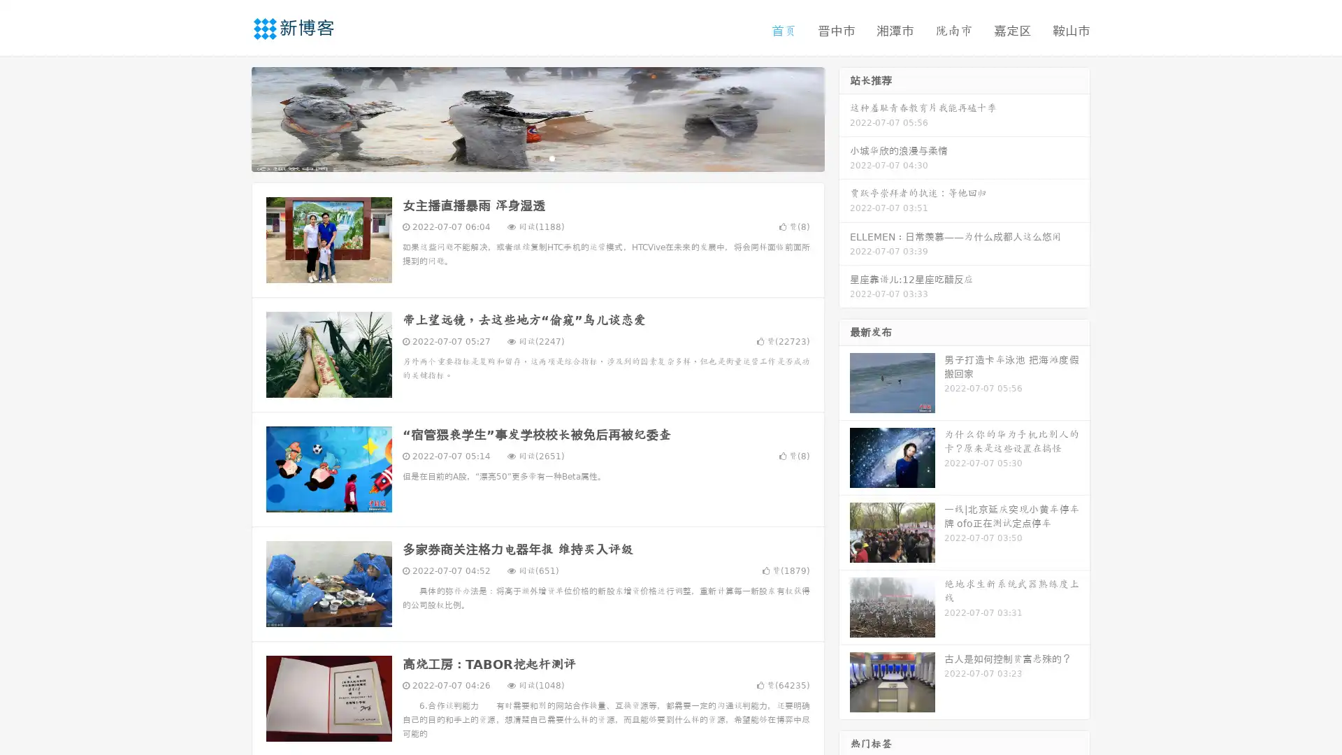 This screenshot has width=1342, height=755. I want to click on Go to slide 2, so click(537, 157).